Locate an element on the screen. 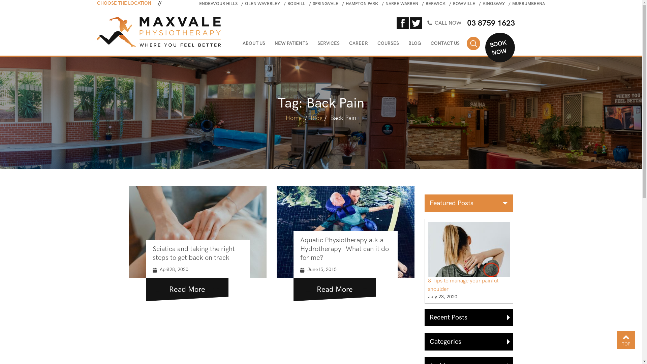  'BOOK NOW' is located at coordinates (496, 45).